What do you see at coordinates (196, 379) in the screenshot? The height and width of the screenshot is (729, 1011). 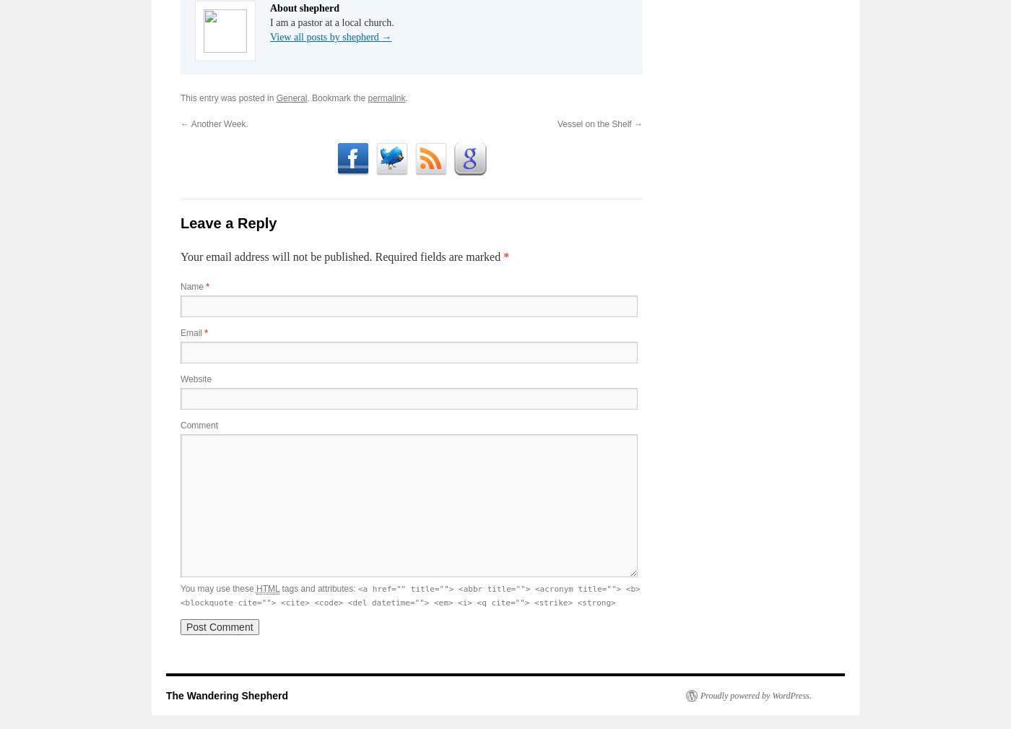 I see `'Website'` at bounding box center [196, 379].